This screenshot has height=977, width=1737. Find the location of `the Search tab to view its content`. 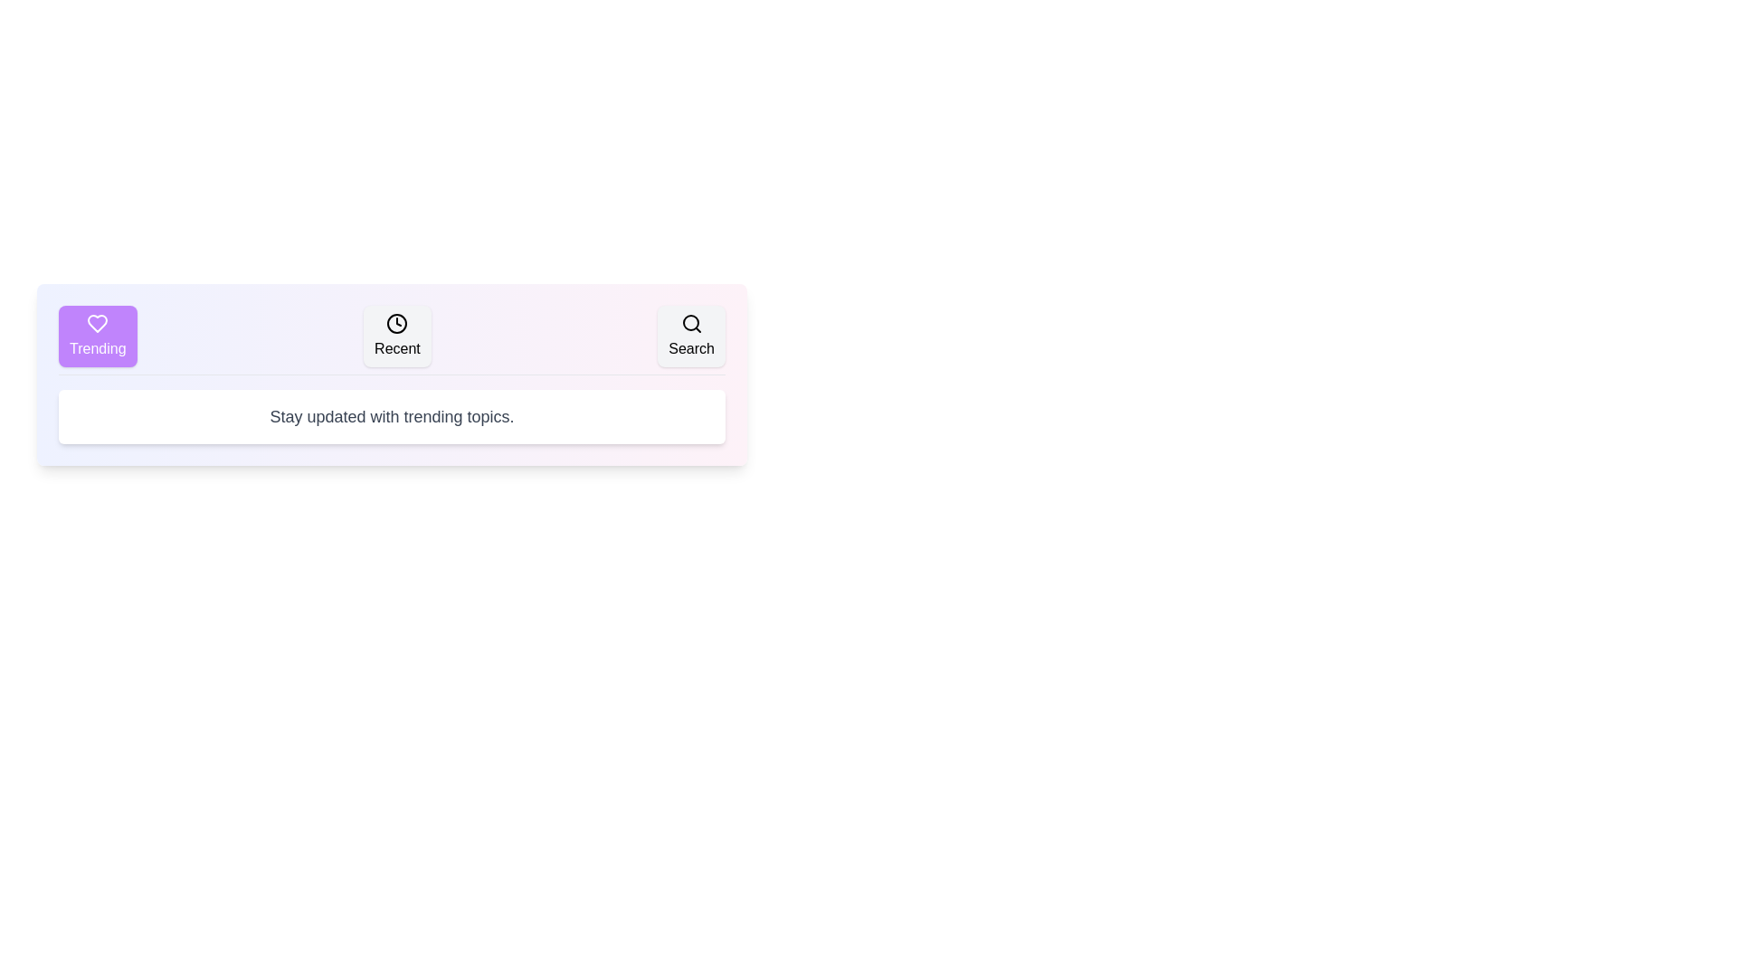

the Search tab to view its content is located at coordinates (689, 336).